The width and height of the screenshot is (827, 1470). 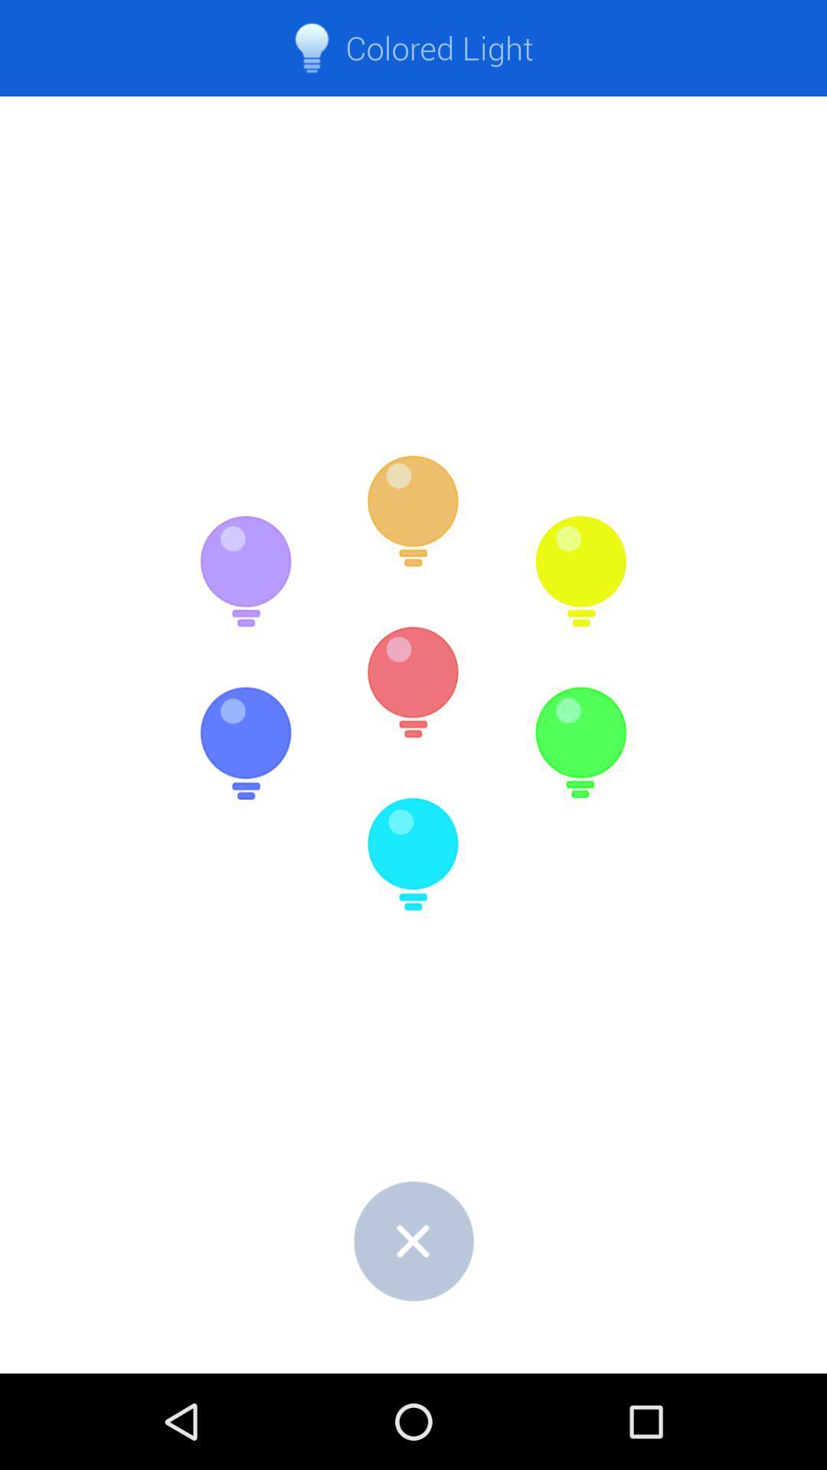 I want to click on colour light, so click(x=413, y=511).